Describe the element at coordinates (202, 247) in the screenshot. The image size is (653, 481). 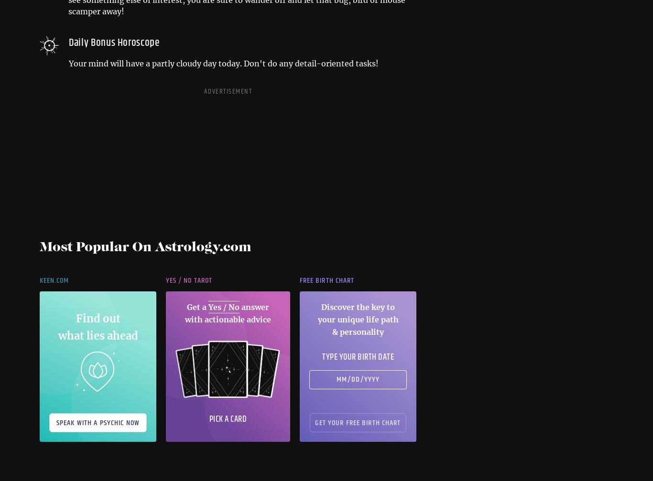
I see `'Astrology.com'` at that location.